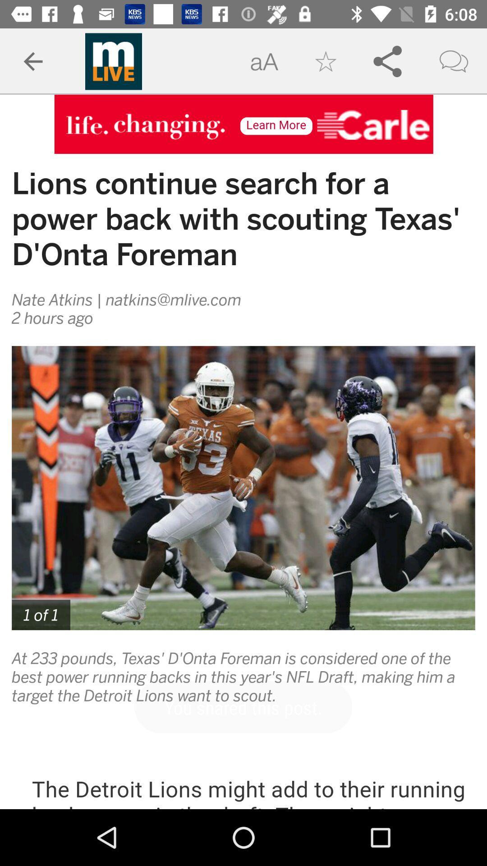 The width and height of the screenshot is (487, 866). What do you see at coordinates (113, 61) in the screenshot?
I see `the logo in the menu bar` at bounding box center [113, 61].